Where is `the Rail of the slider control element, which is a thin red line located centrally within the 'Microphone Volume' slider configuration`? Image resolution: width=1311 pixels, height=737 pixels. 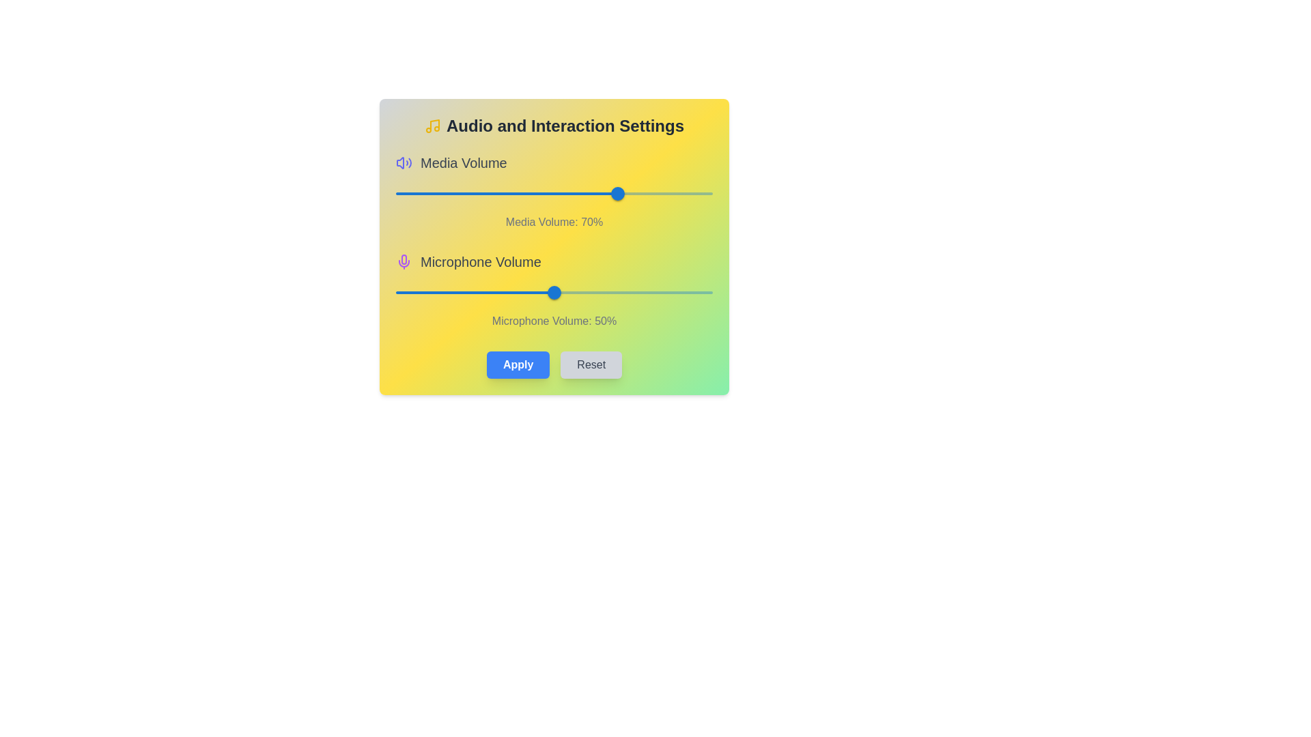
the Rail of the slider control element, which is a thin red line located centrally within the 'Microphone Volume' slider configuration is located at coordinates (554, 291).